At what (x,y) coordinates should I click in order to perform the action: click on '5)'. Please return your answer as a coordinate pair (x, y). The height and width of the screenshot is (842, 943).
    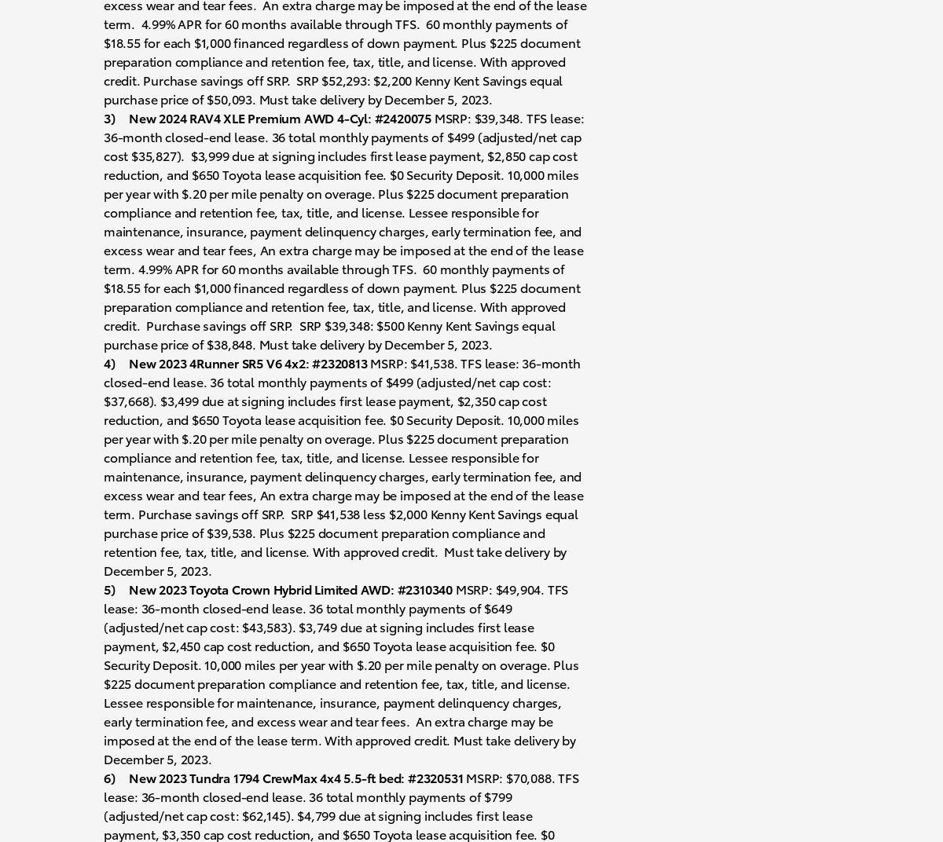
    Looking at the image, I should click on (108, 588).